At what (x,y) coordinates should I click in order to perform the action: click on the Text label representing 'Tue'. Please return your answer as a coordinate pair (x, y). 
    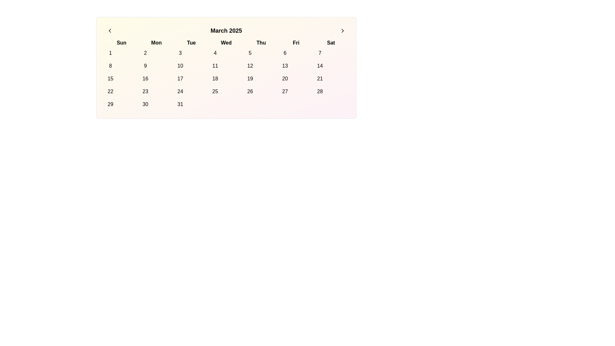
    Looking at the image, I should click on (191, 43).